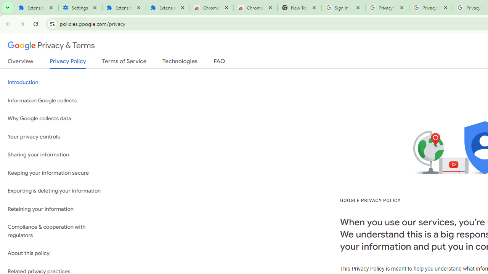 This screenshot has width=488, height=274. I want to click on 'Introduction', so click(58, 83).